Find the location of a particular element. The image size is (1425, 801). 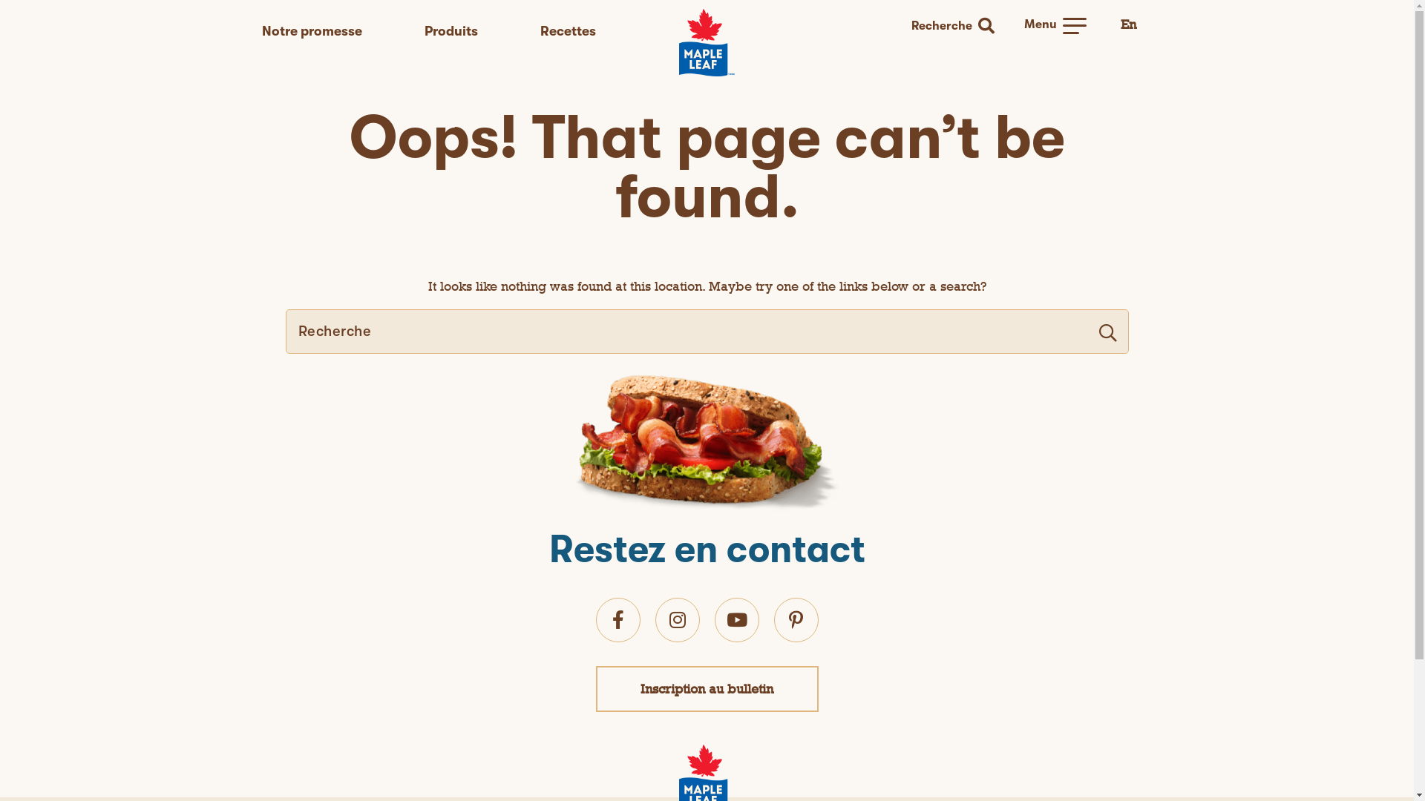

'Produits' is located at coordinates (451, 31).